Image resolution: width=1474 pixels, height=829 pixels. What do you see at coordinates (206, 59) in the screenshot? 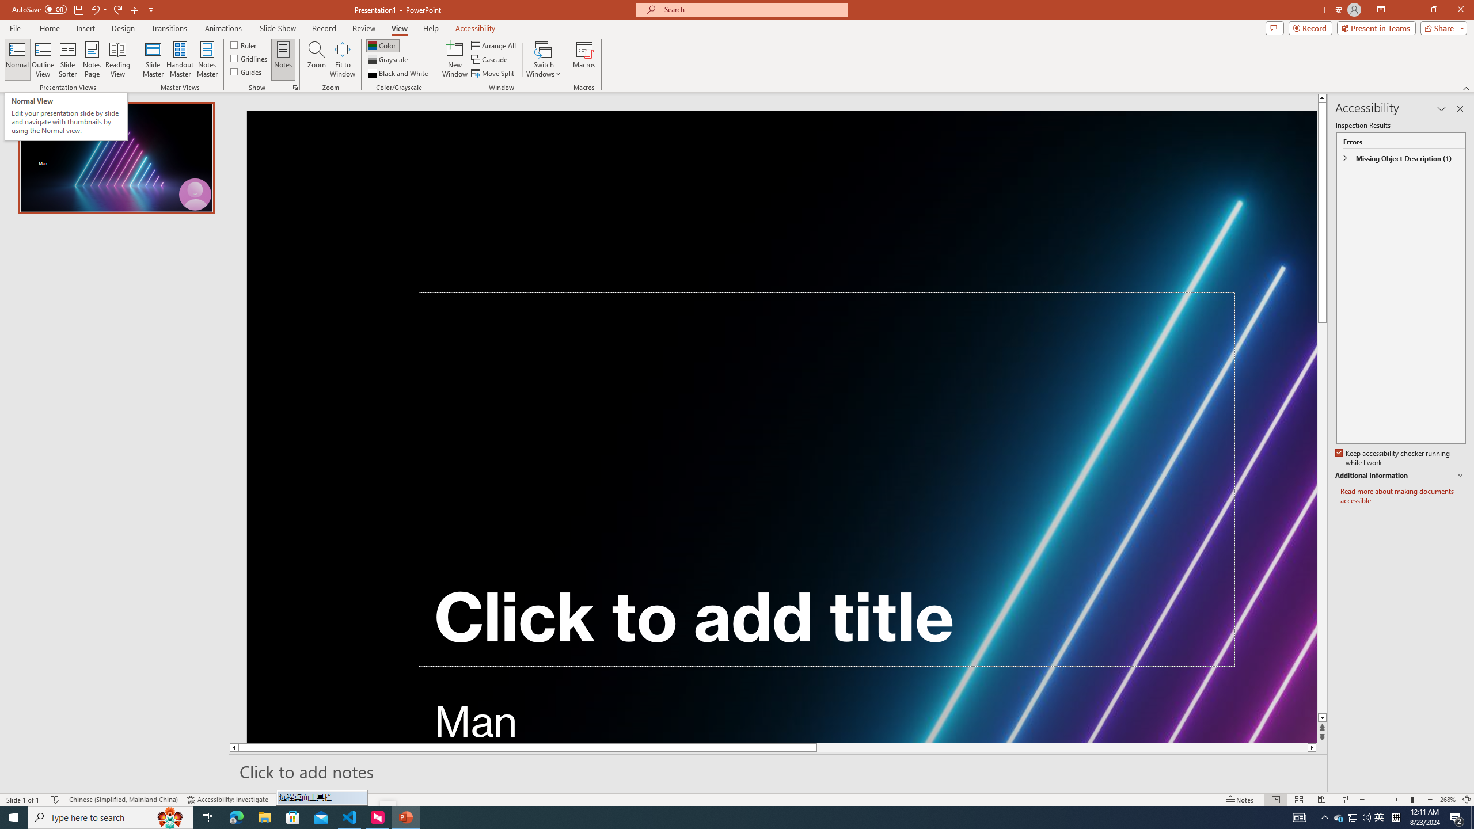
I see `'Notes Master'` at bounding box center [206, 59].